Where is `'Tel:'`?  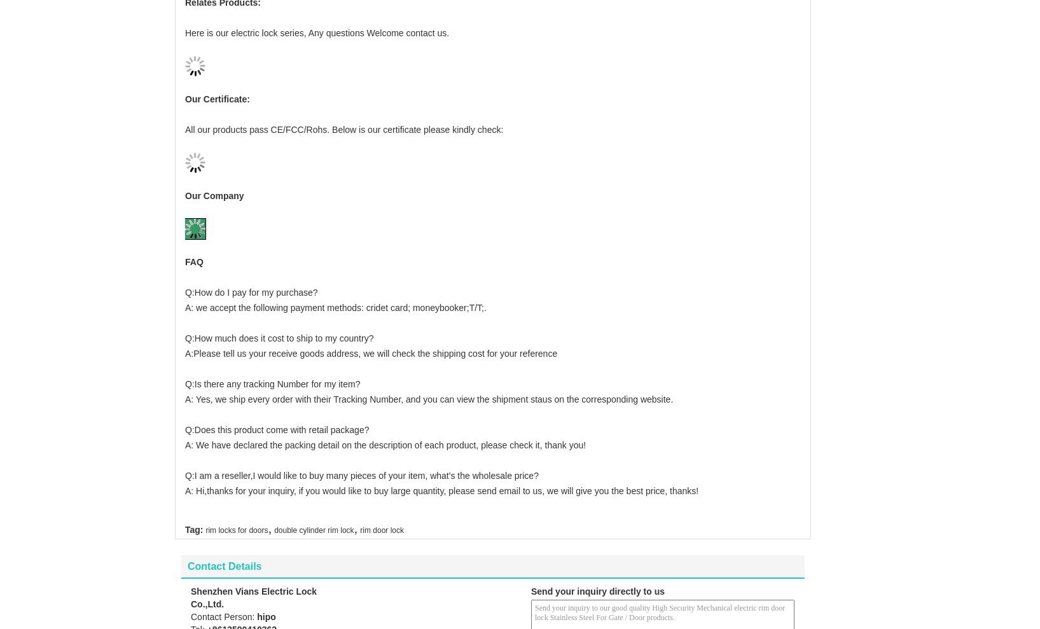 'Tel:' is located at coordinates (198, 609).